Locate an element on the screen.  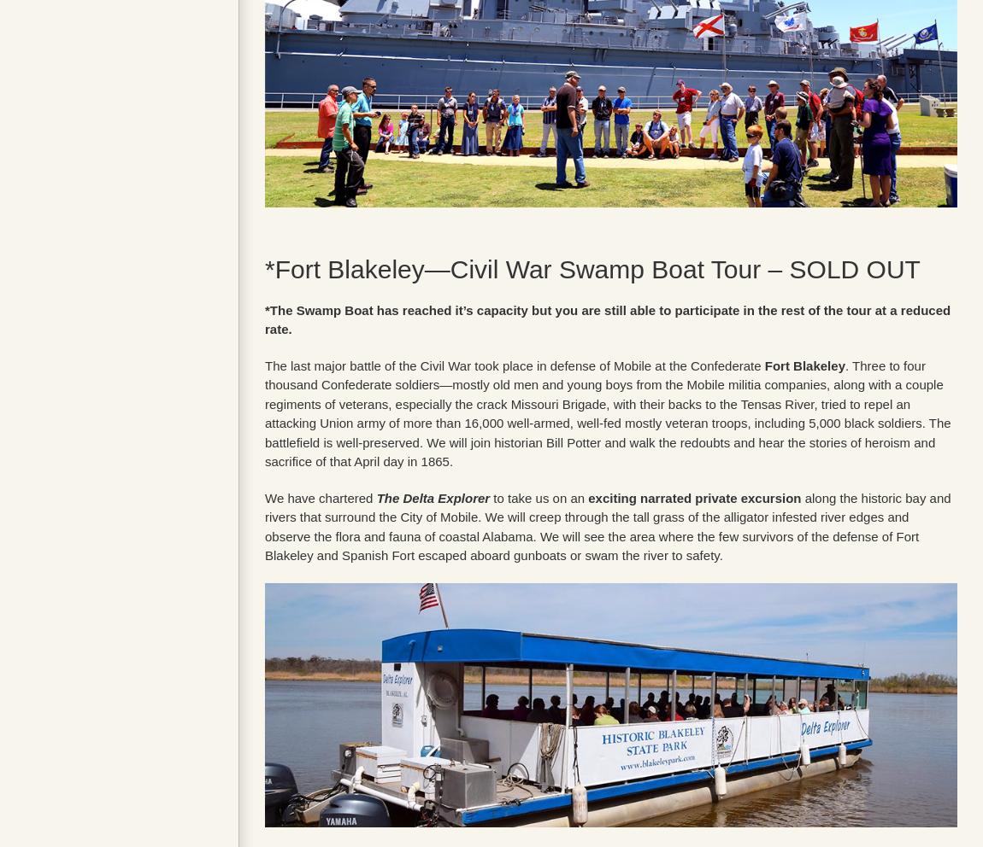
'We have chartered' is located at coordinates (265, 496).